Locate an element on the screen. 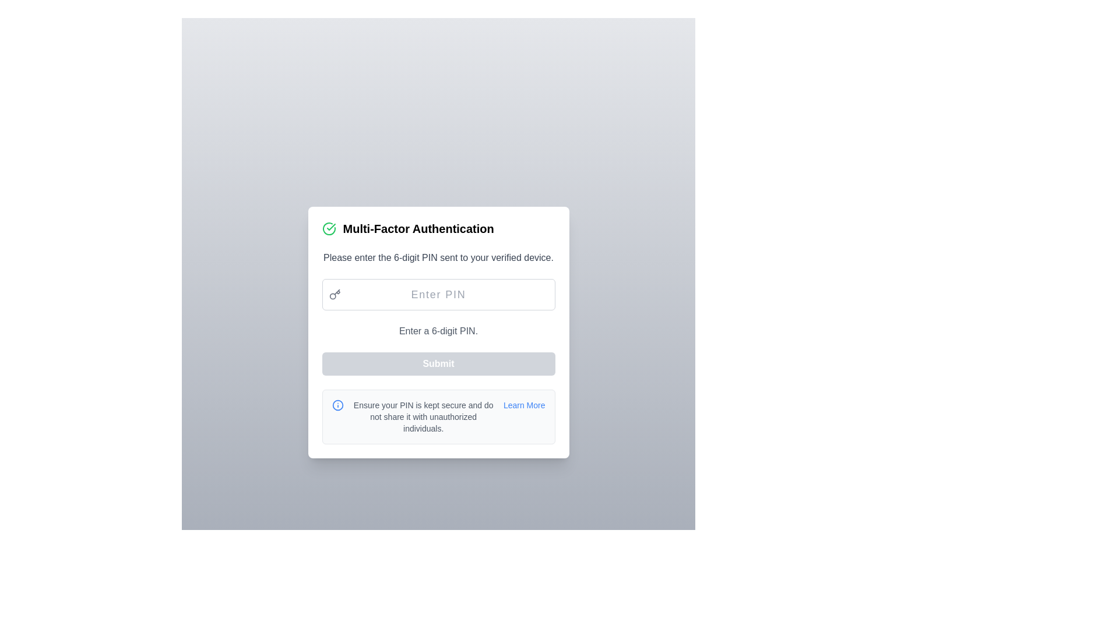 The width and height of the screenshot is (1119, 629). the blue circular shape of the informational icon located at the top-left corner of the authentication form section is located at coordinates (337, 404).